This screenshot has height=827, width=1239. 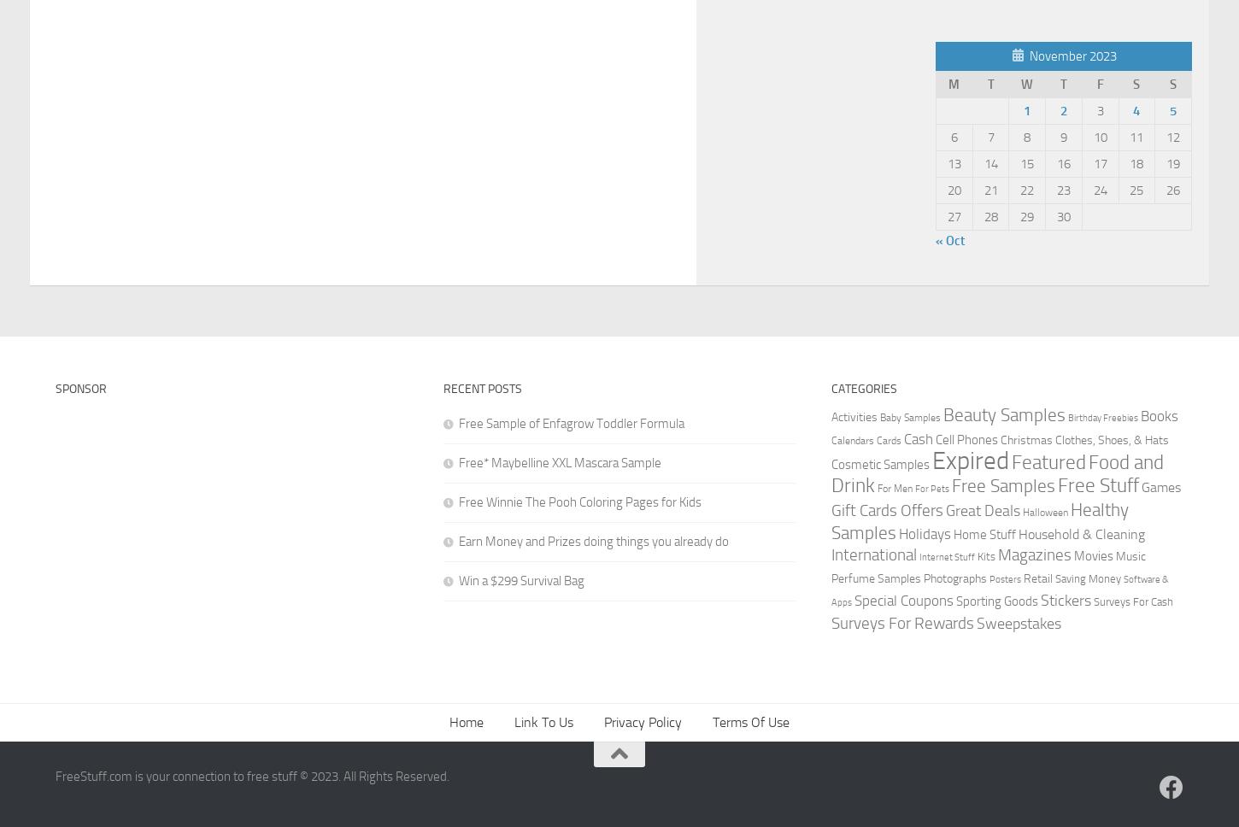 What do you see at coordinates (1100, 85) in the screenshot?
I see `'F'` at bounding box center [1100, 85].